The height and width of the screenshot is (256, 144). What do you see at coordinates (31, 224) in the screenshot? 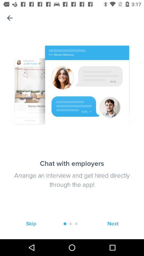
I see `the skip` at bounding box center [31, 224].